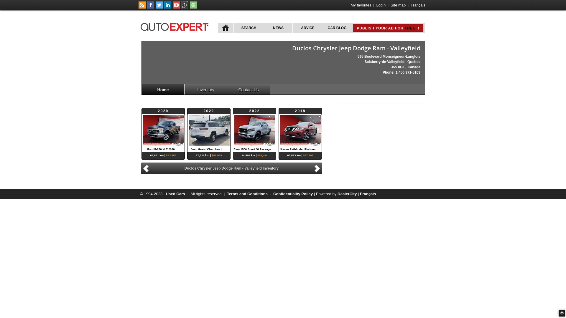  Describe the element at coordinates (277, 28) in the screenshot. I see `'NEWS'` at that location.